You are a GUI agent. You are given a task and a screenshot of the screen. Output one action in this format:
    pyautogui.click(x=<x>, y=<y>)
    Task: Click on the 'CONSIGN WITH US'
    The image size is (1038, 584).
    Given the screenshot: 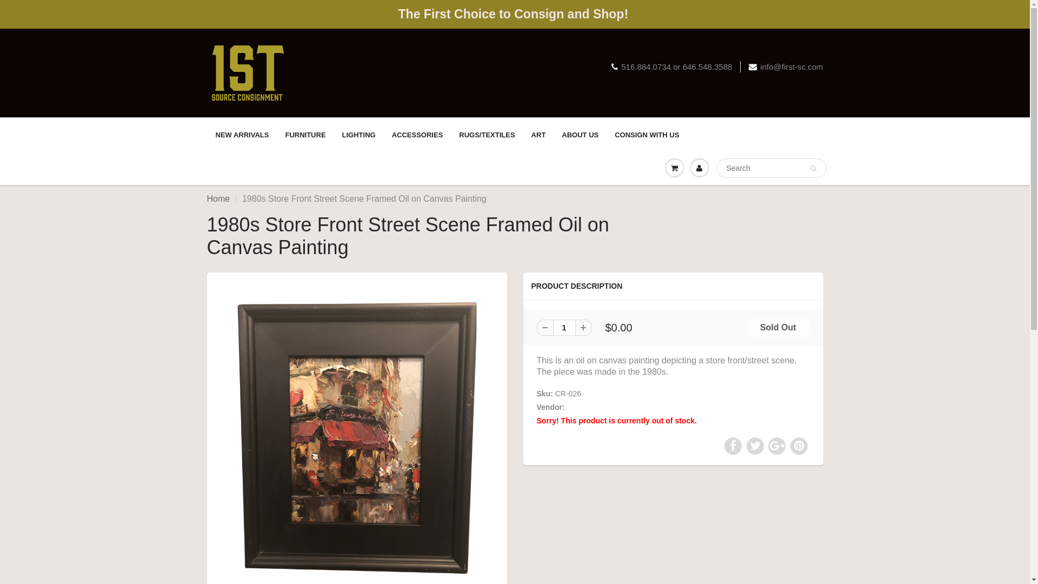 What is the action you would take?
    pyautogui.click(x=647, y=135)
    